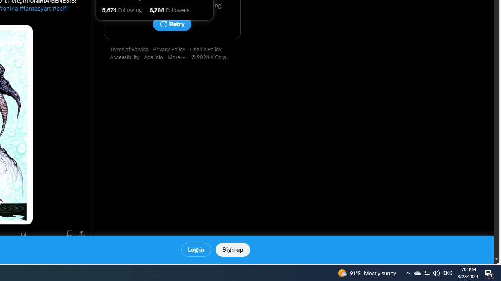 The image size is (501, 281). I want to click on 'Accessibility', so click(127, 57).